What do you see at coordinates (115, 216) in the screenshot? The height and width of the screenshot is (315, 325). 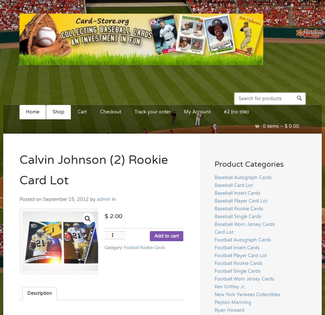 I see `'2.00'` at bounding box center [115, 216].